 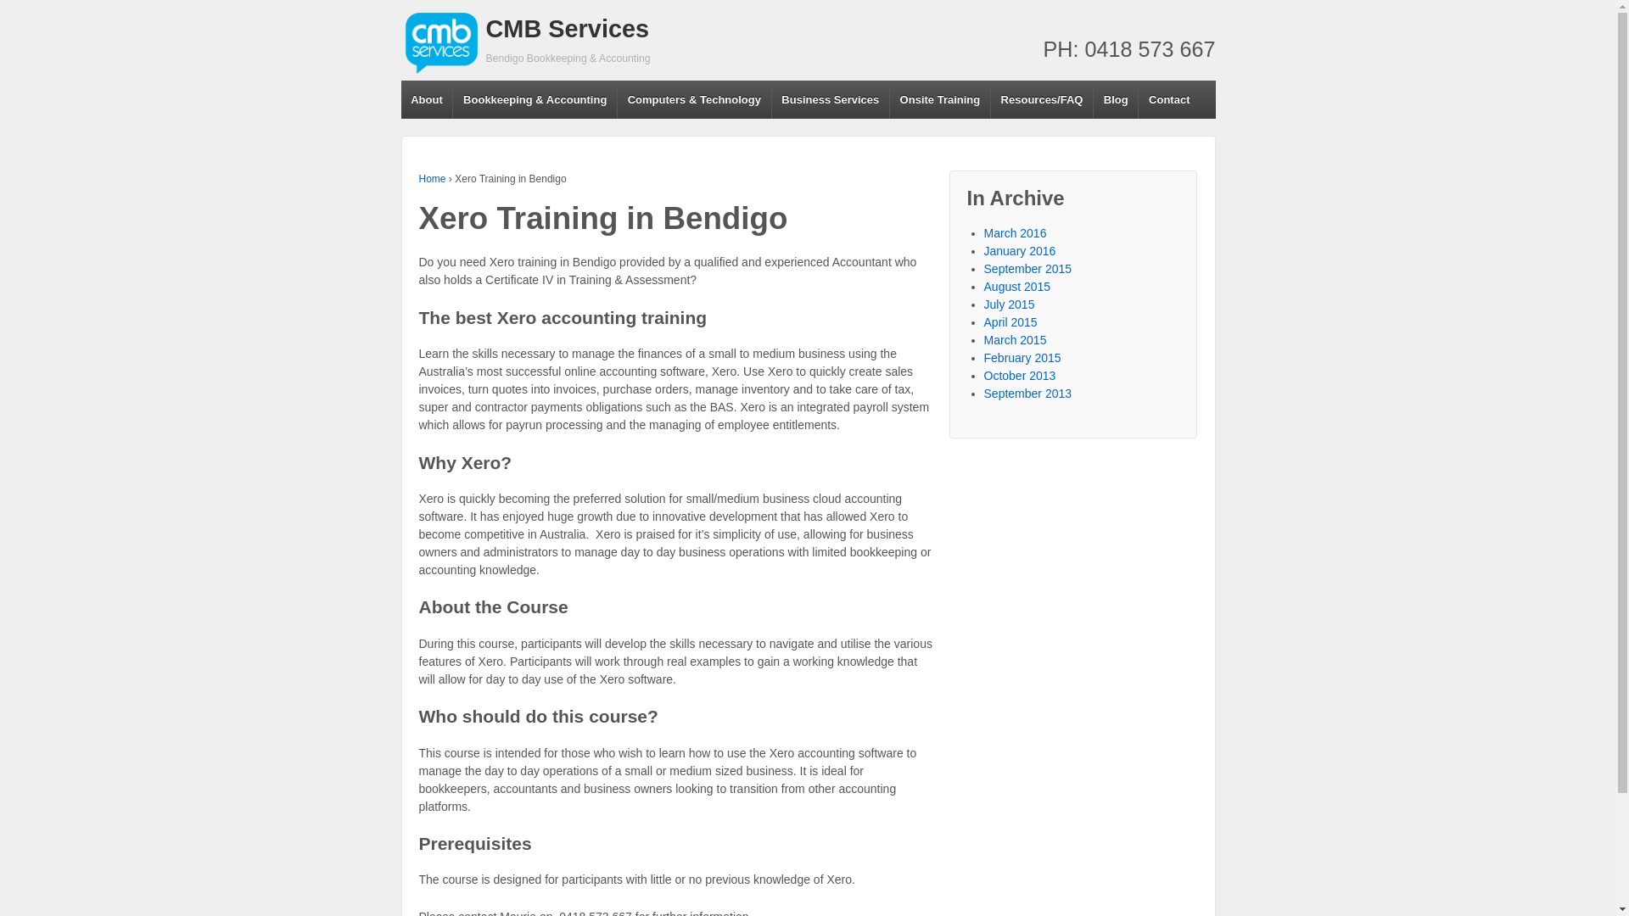 What do you see at coordinates (1022, 356) in the screenshot?
I see `'February 2015'` at bounding box center [1022, 356].